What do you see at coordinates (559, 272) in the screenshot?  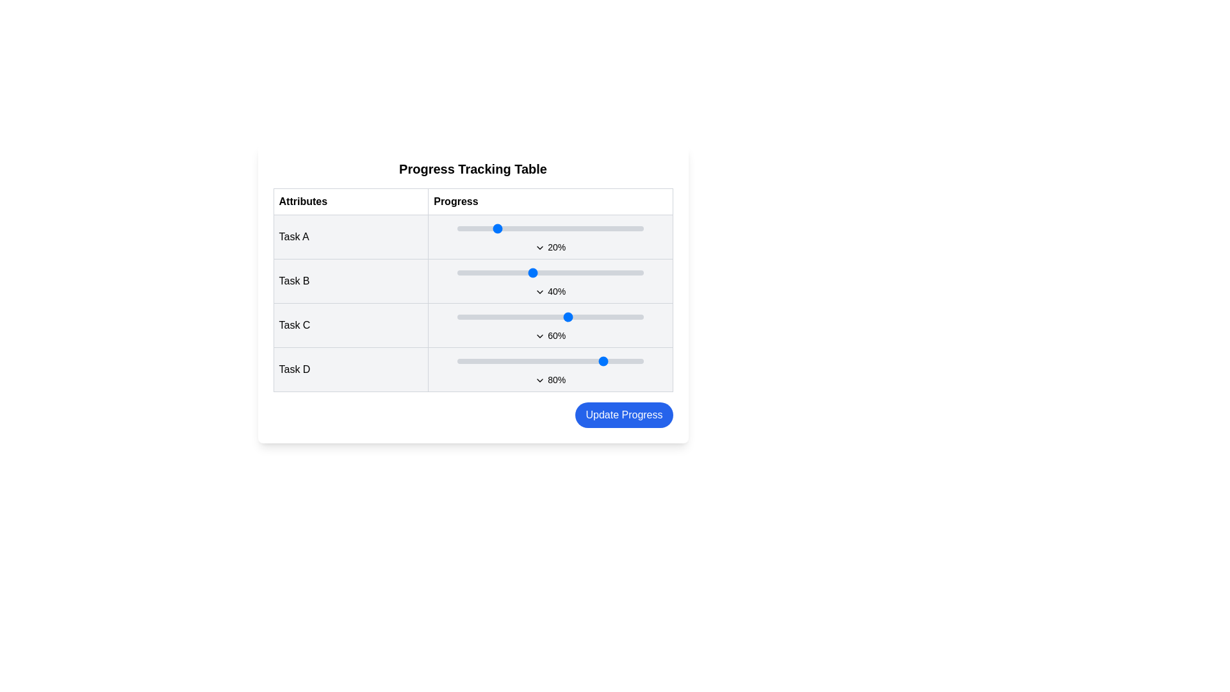 I see `the progress of Task B` at bounding box center [559, 272].